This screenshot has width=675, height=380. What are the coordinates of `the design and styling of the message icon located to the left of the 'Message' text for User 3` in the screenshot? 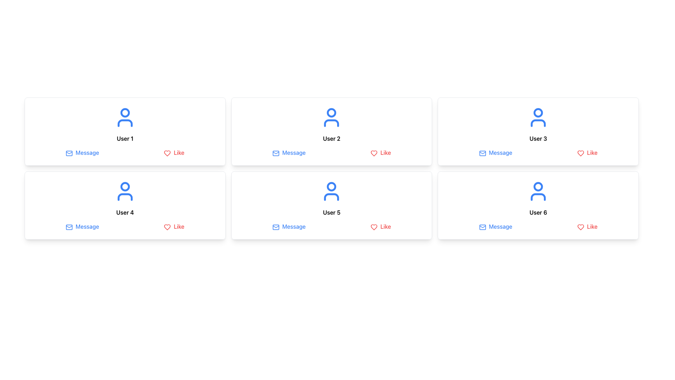 It's located at (482, 153).